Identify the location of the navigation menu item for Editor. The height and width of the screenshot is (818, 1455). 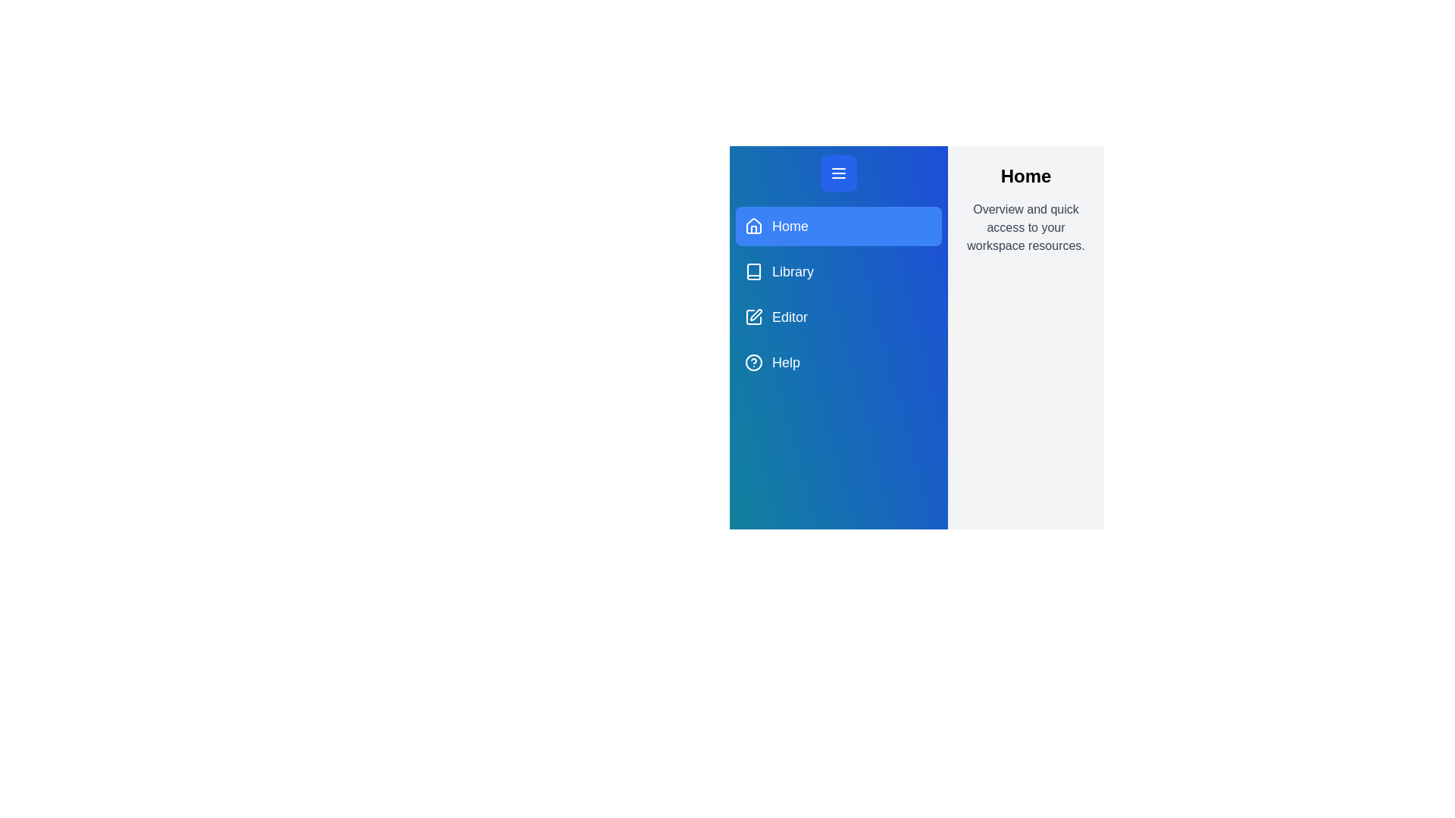
(838, 317).